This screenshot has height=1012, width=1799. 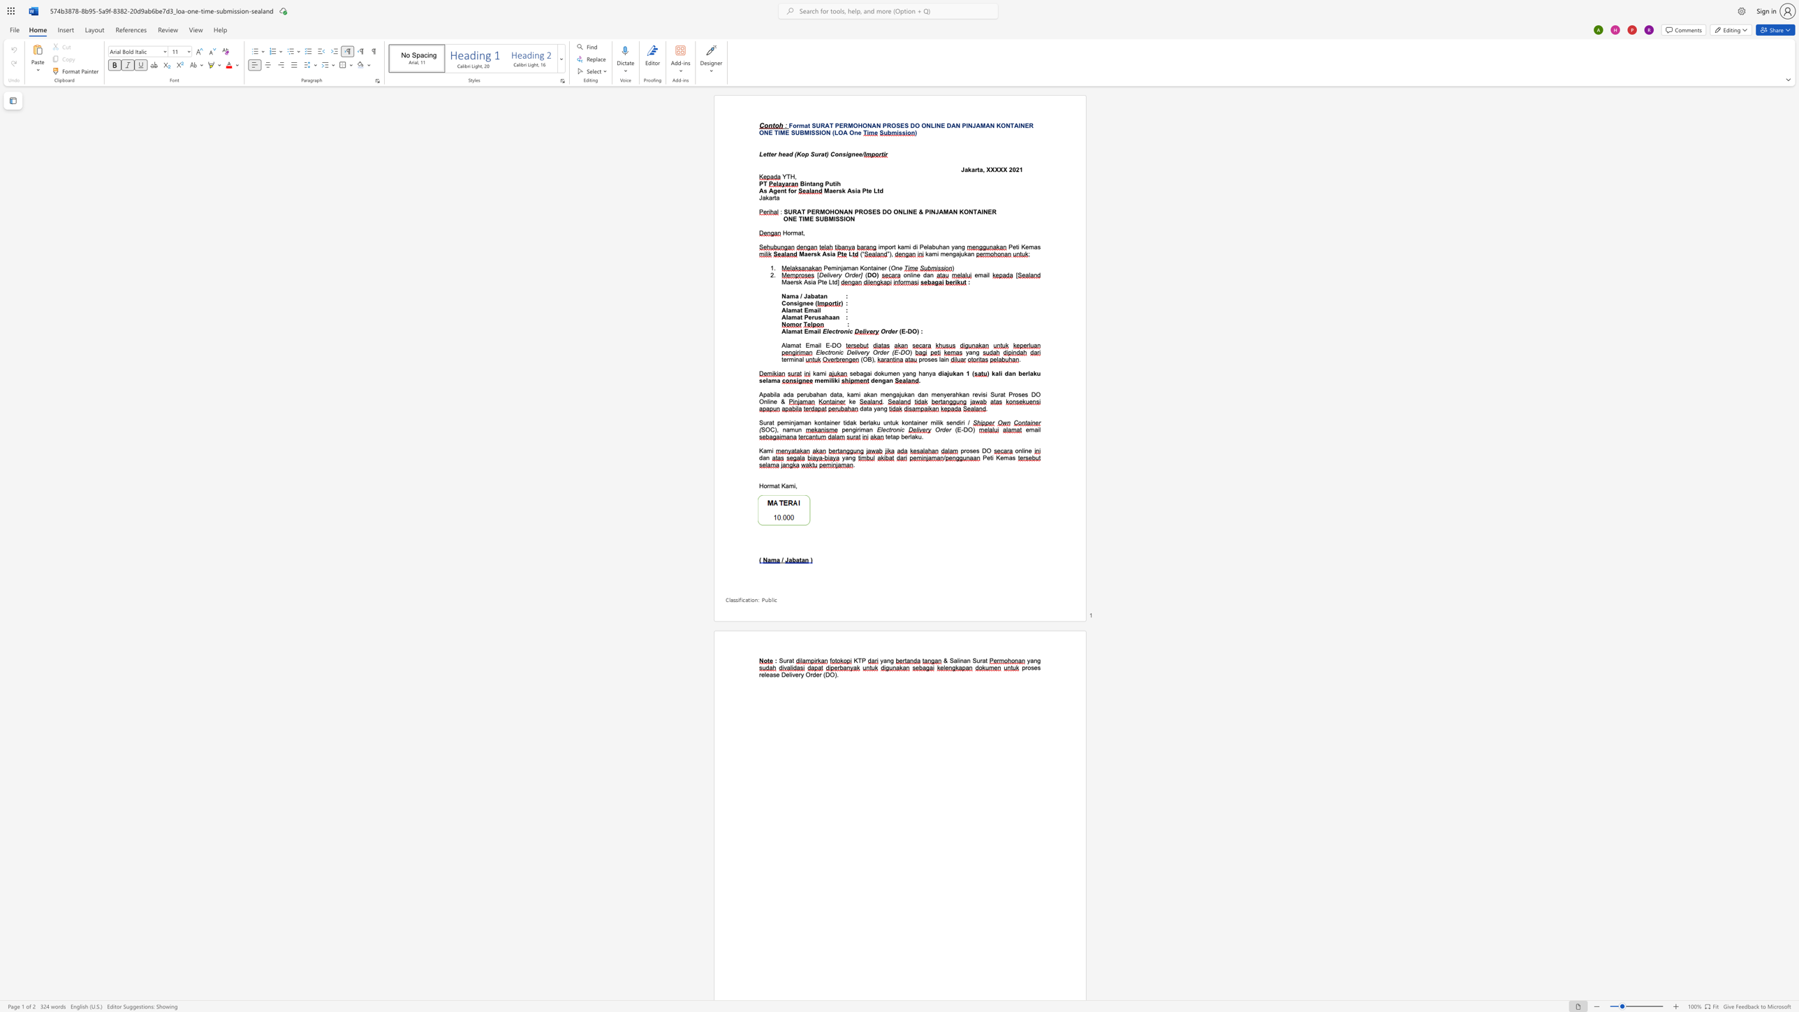 I want to click on the subset text "ntang Puti" within the text "Bintang Putih", so click(x=805, y=184).